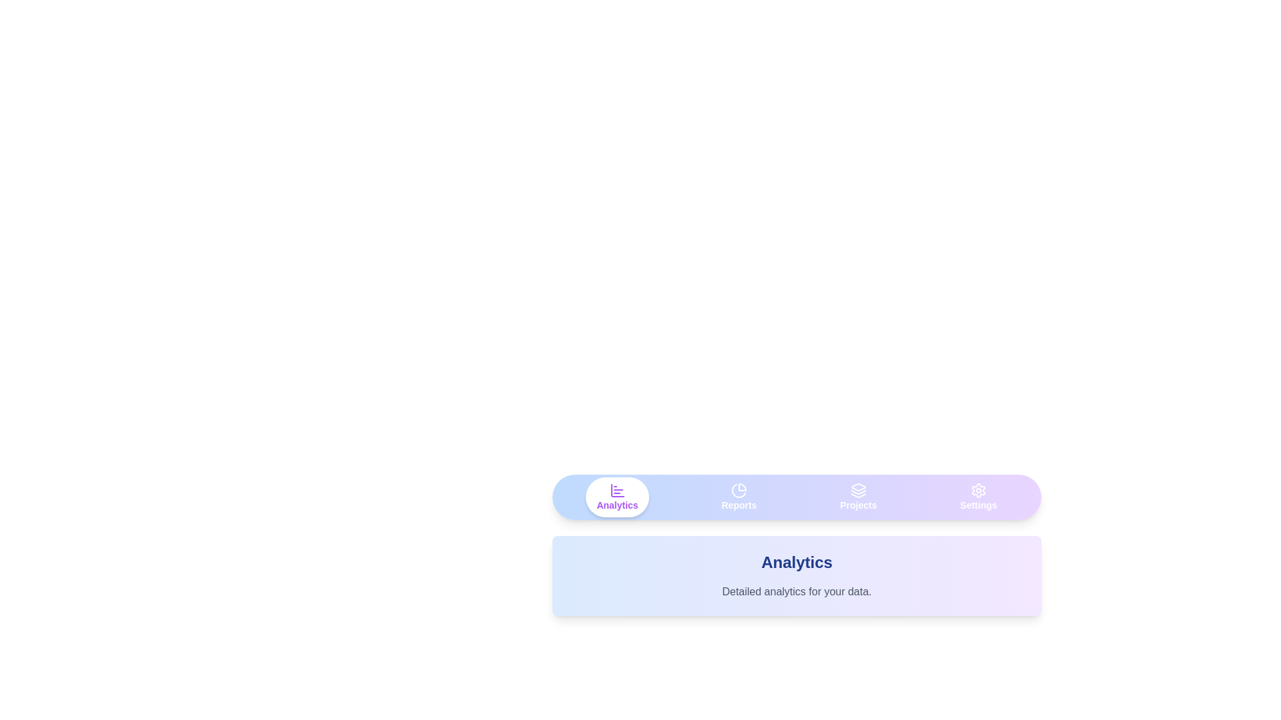 This screenshot has width=1281, height=720. Describe the element at coordinates (797, 591) in the screenshot. I see `the content area displaying the text 'Detailed analytics for your data.'` at that location.